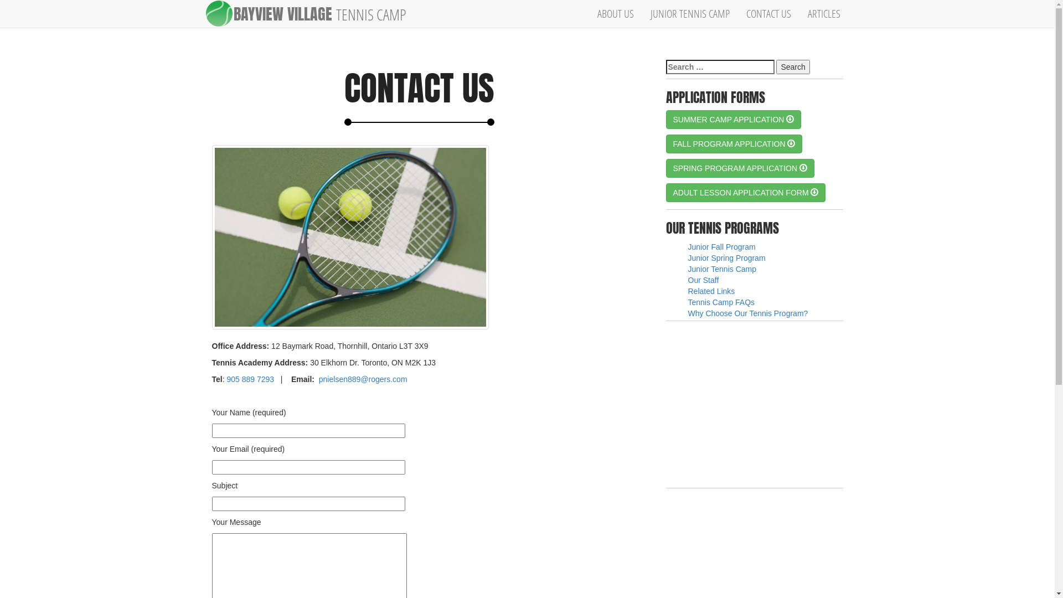 The image size is (1063, 598). Describe the element at coordinates (711, 290) in the screenshot. I see `'Related Links'` at that location.